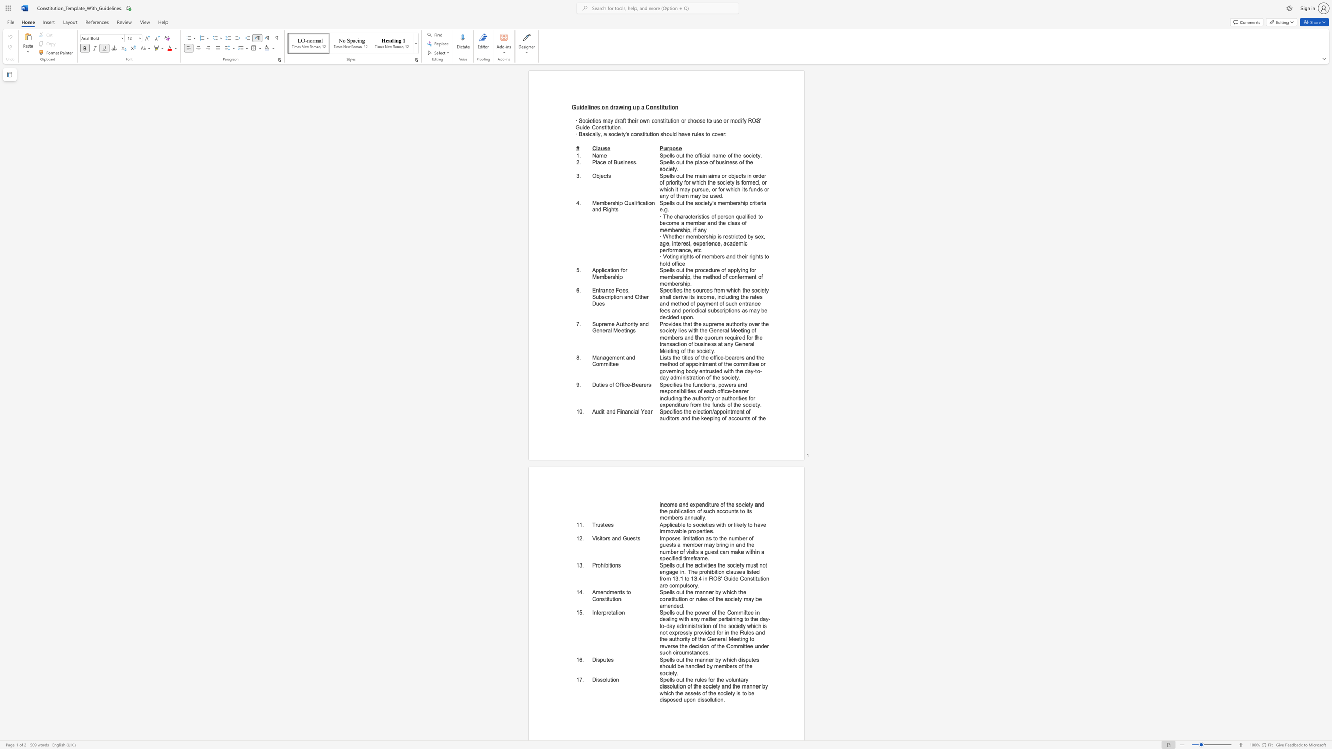 The image size is (1332, 749). Describe the element at coordinates (690, 317) in the screenshot. I see `the subset text "n." within the text "Specifies the sources from which the society shall derive its income, including the rates and method of payment of such entrance fees and periodical subscriptions as may be decided upon."` at that location.